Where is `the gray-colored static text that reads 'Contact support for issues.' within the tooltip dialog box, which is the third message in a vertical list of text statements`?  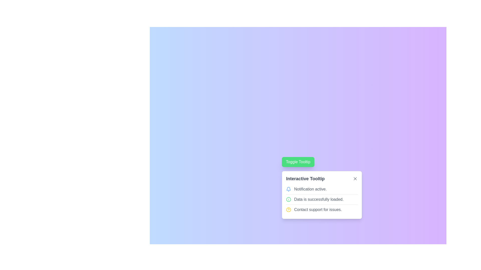 the gray-colored static text that reads 'Contact support for issues.' within the tooltip dialog box, which is the third message in a vertical list of text statements is located at coordinates (318, 210).